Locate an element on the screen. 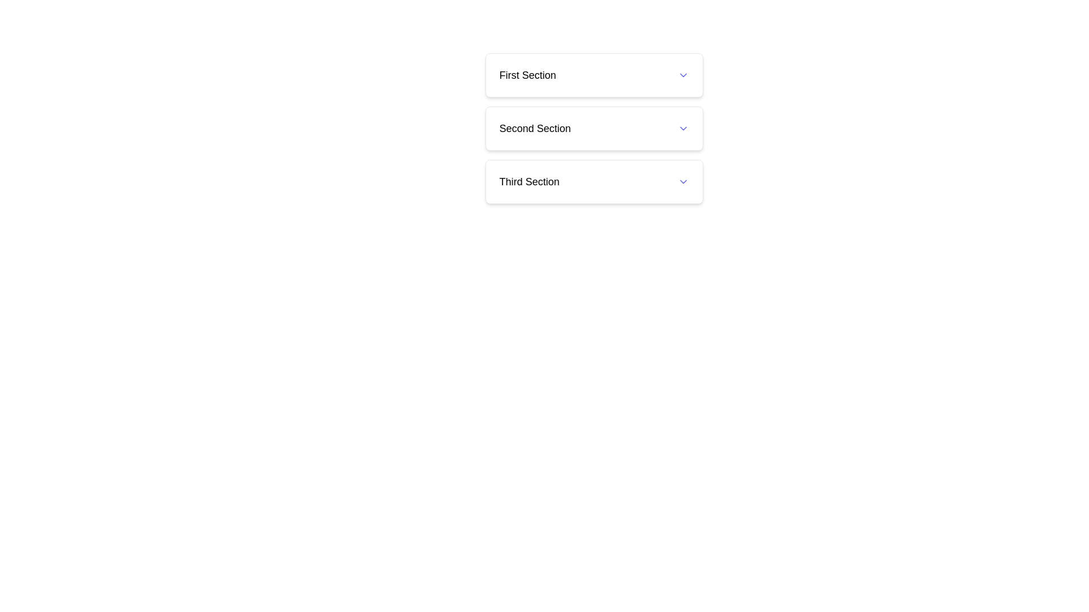  the Chevron icon next to the 'Second Section' is located at coordinates (682, 128).